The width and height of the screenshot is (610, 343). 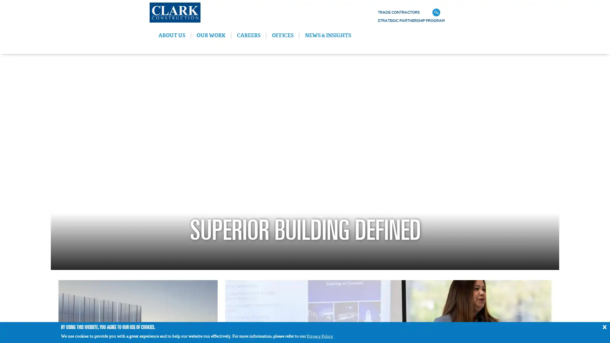 I want to click on Privacy Policy, so click(x=320, y=336).